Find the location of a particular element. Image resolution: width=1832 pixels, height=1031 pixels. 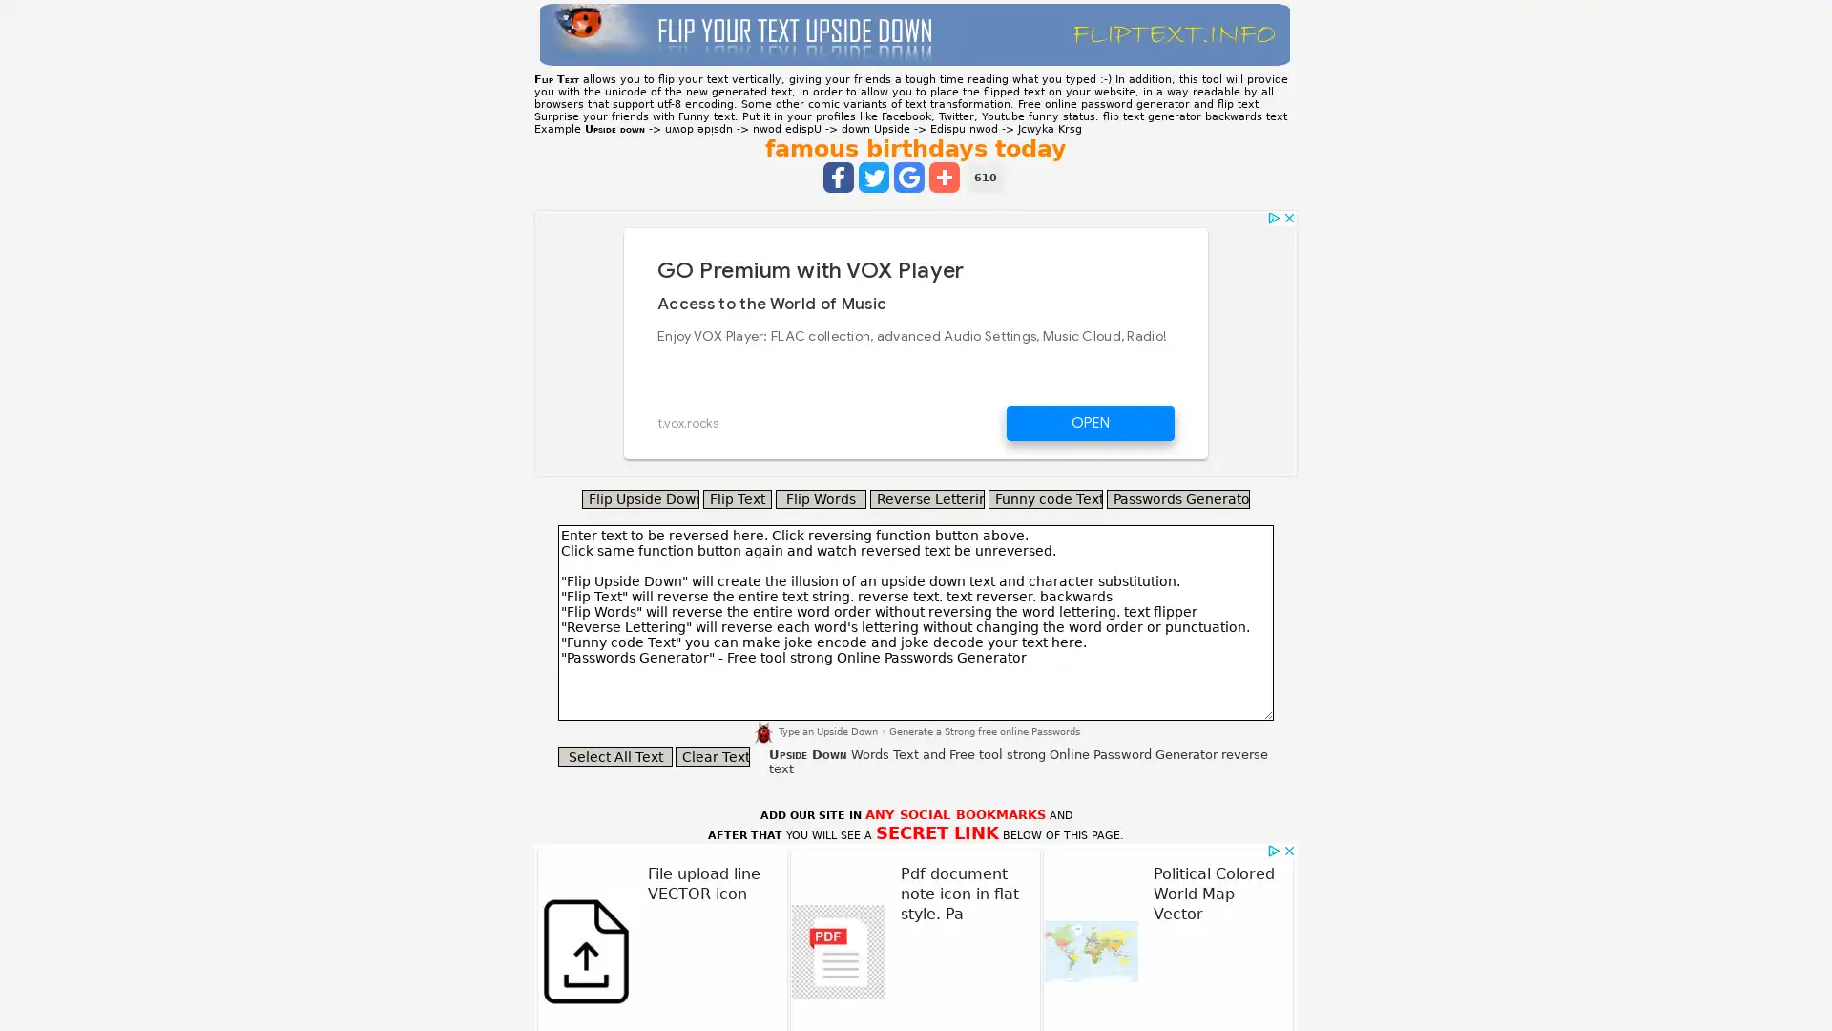

Select All Text is located at coordinates (614, 756).